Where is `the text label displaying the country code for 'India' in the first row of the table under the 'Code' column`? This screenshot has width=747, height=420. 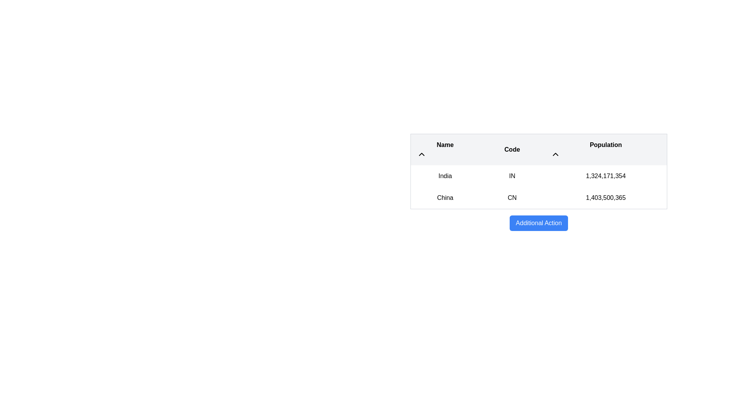
the text label displaying the country code for 'India' in the first row of the table under the 'Code' column is located at coordinates (512, 176).